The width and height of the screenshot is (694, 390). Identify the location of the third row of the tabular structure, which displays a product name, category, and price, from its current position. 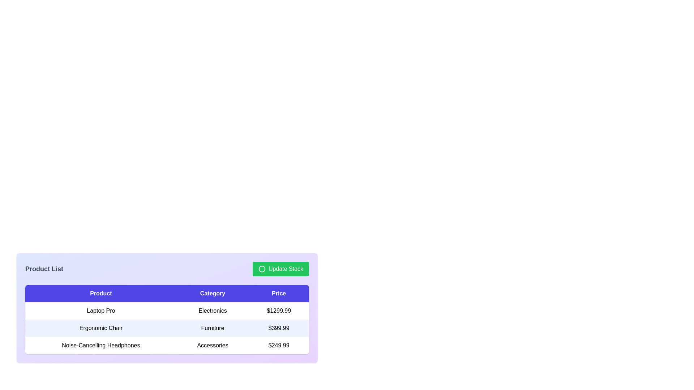
(167, 345).